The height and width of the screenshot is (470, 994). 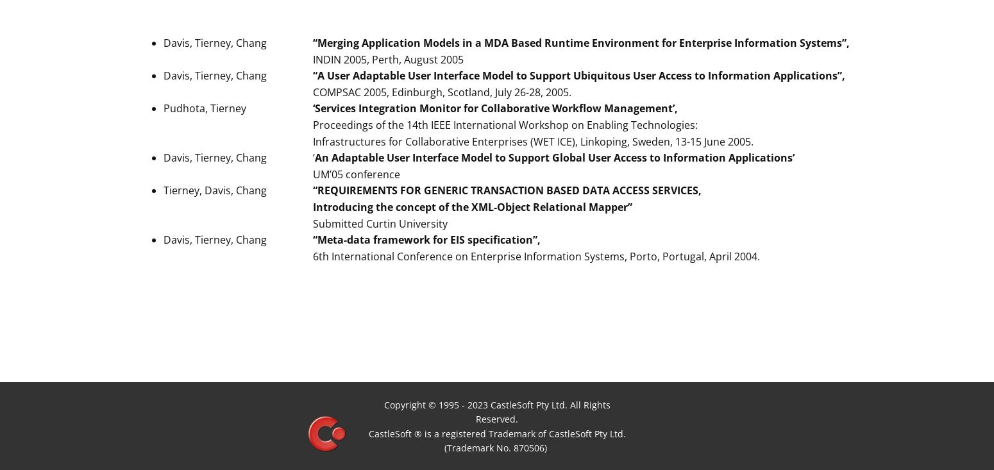 I want to click on 'Tierney, Davis, Chang', so click(x=163, y=190).